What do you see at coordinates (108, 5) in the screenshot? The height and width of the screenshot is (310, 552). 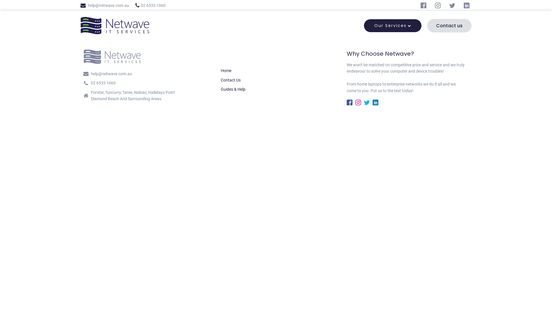 I see `'help@netwave.com.au'` at bounding box center [108, 5].